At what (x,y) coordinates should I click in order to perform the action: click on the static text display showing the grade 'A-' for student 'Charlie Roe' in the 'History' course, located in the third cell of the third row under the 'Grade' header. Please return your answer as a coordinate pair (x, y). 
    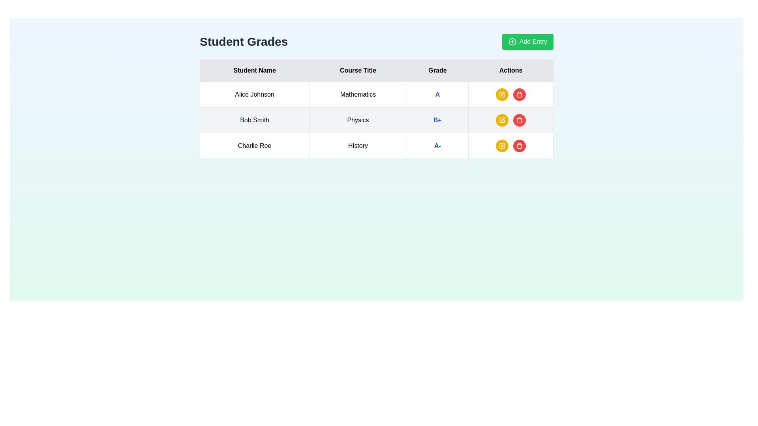
    Looking at the image, I should click on (437, 146).